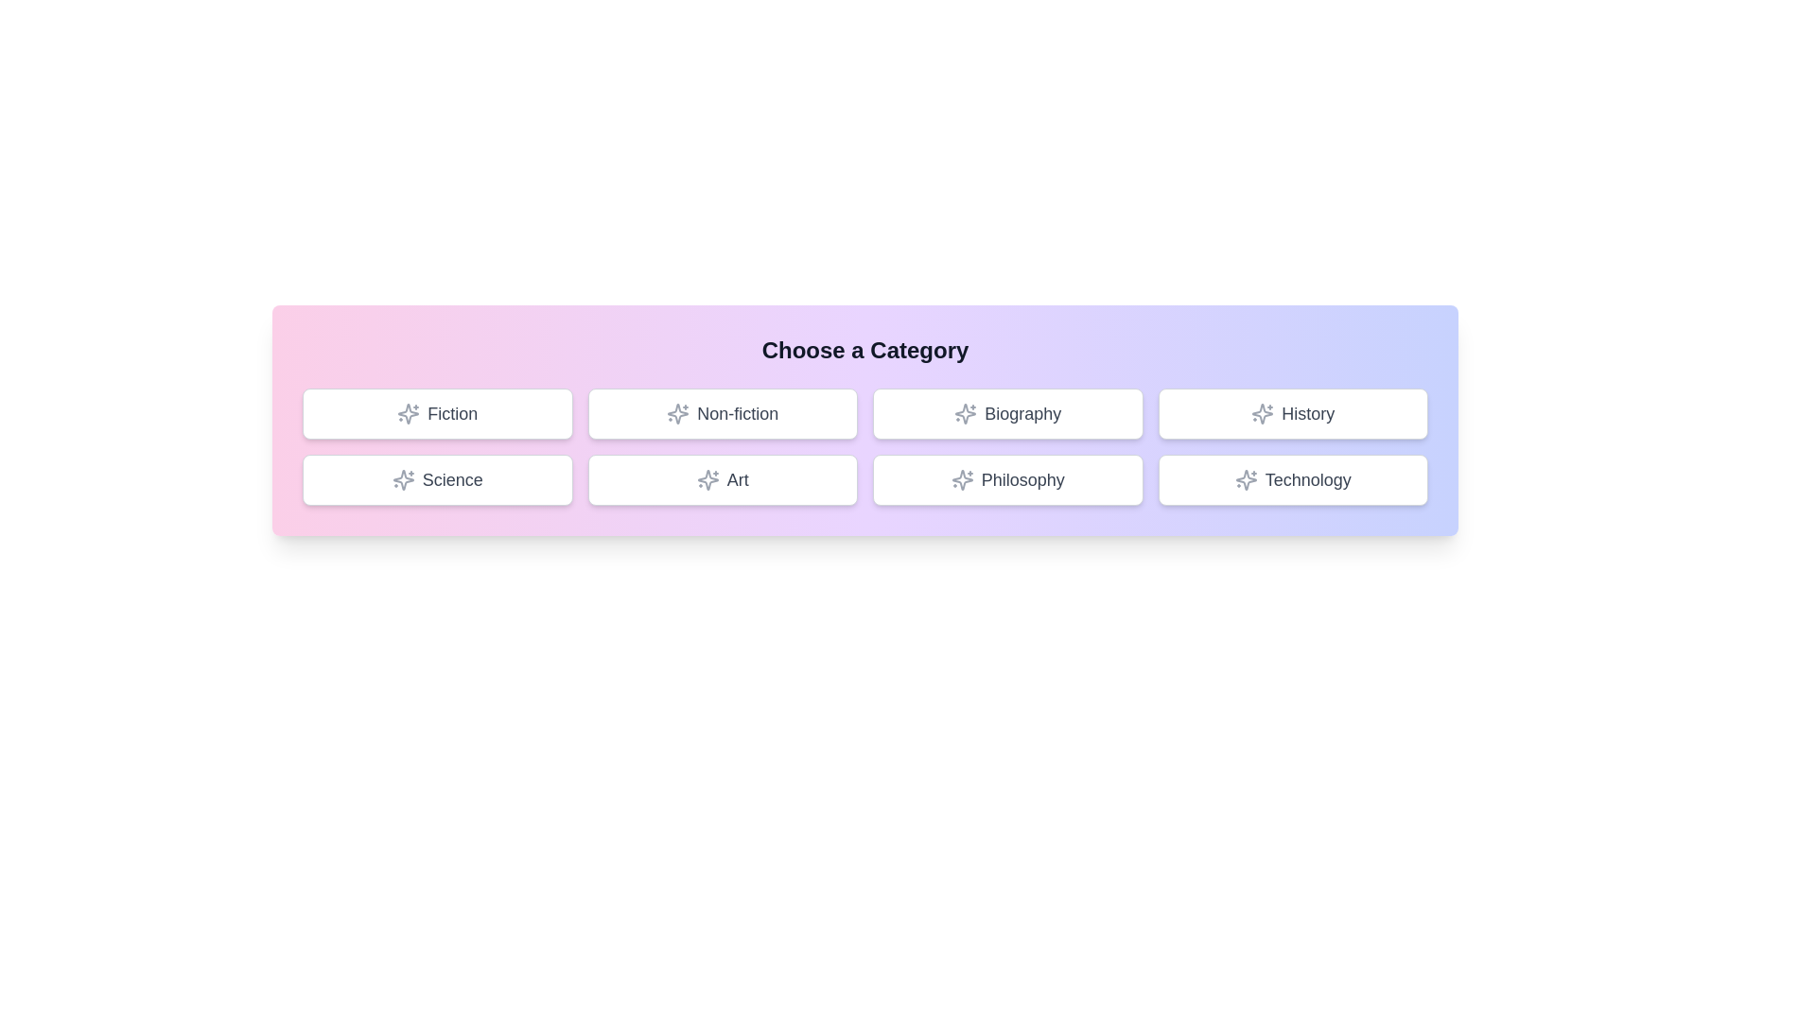 The image size is (1816, 1021). I want to click on the button labeled Philosophy to select it, so click(1006, 479).